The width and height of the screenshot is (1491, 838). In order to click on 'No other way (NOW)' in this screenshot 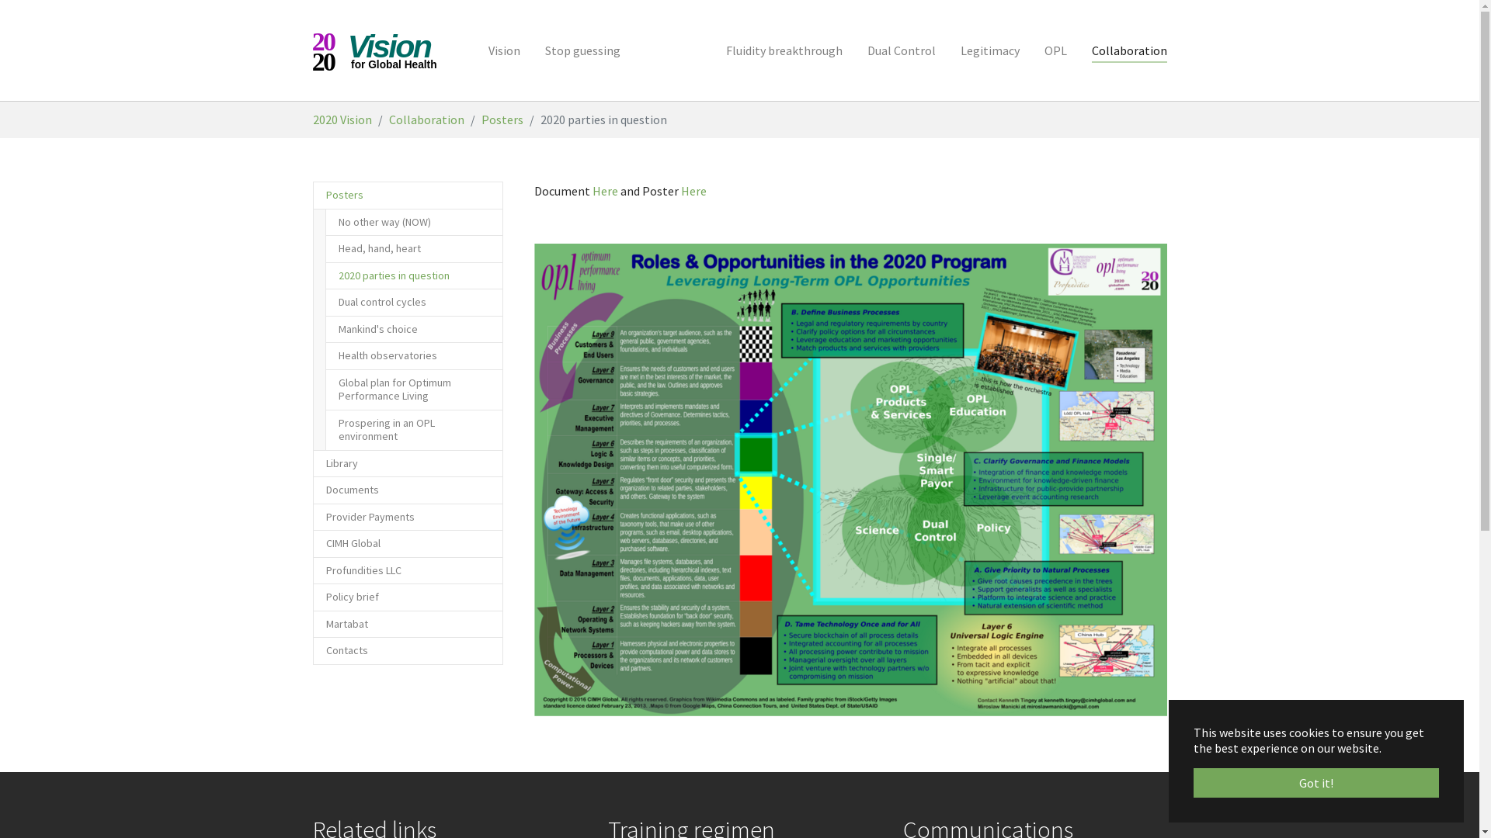, I will do `click(413, 221)`.